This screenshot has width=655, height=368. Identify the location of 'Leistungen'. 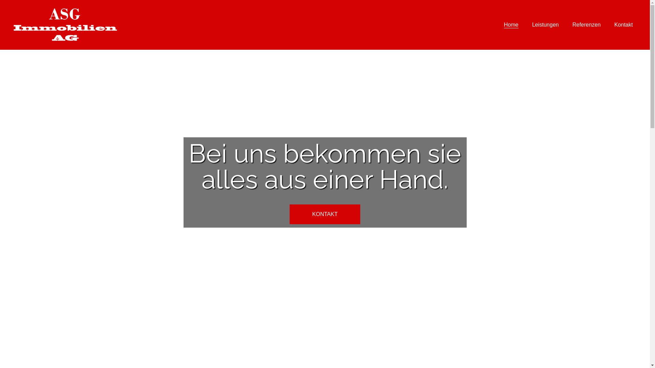
(545, 25).